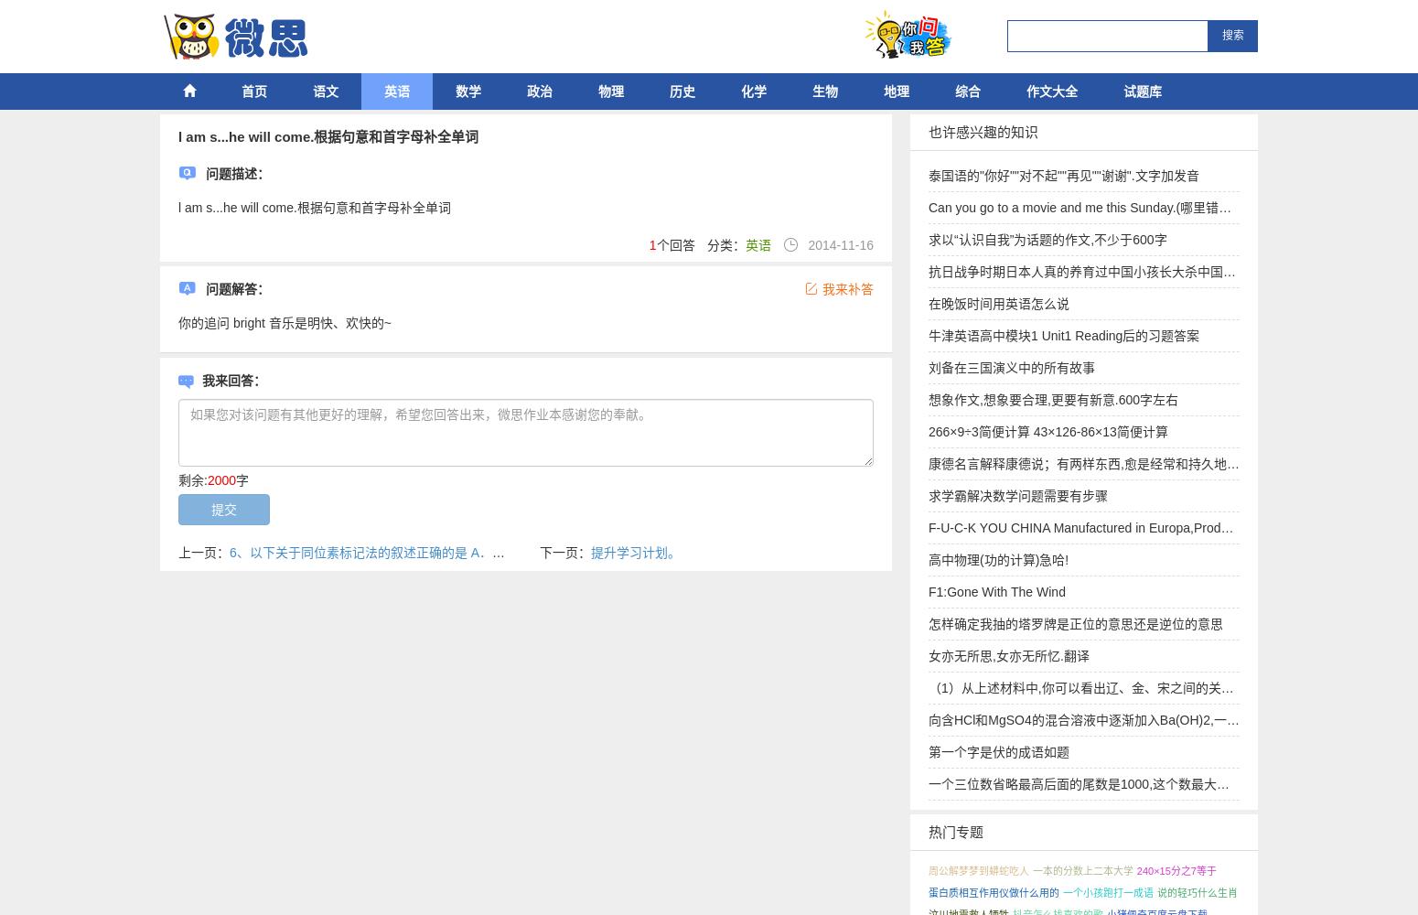 The image size is (1418, 915). Describe the element at coordinates (995, 592) in the screenshot. I see `'F1:Gone With The Wind'` at that location.